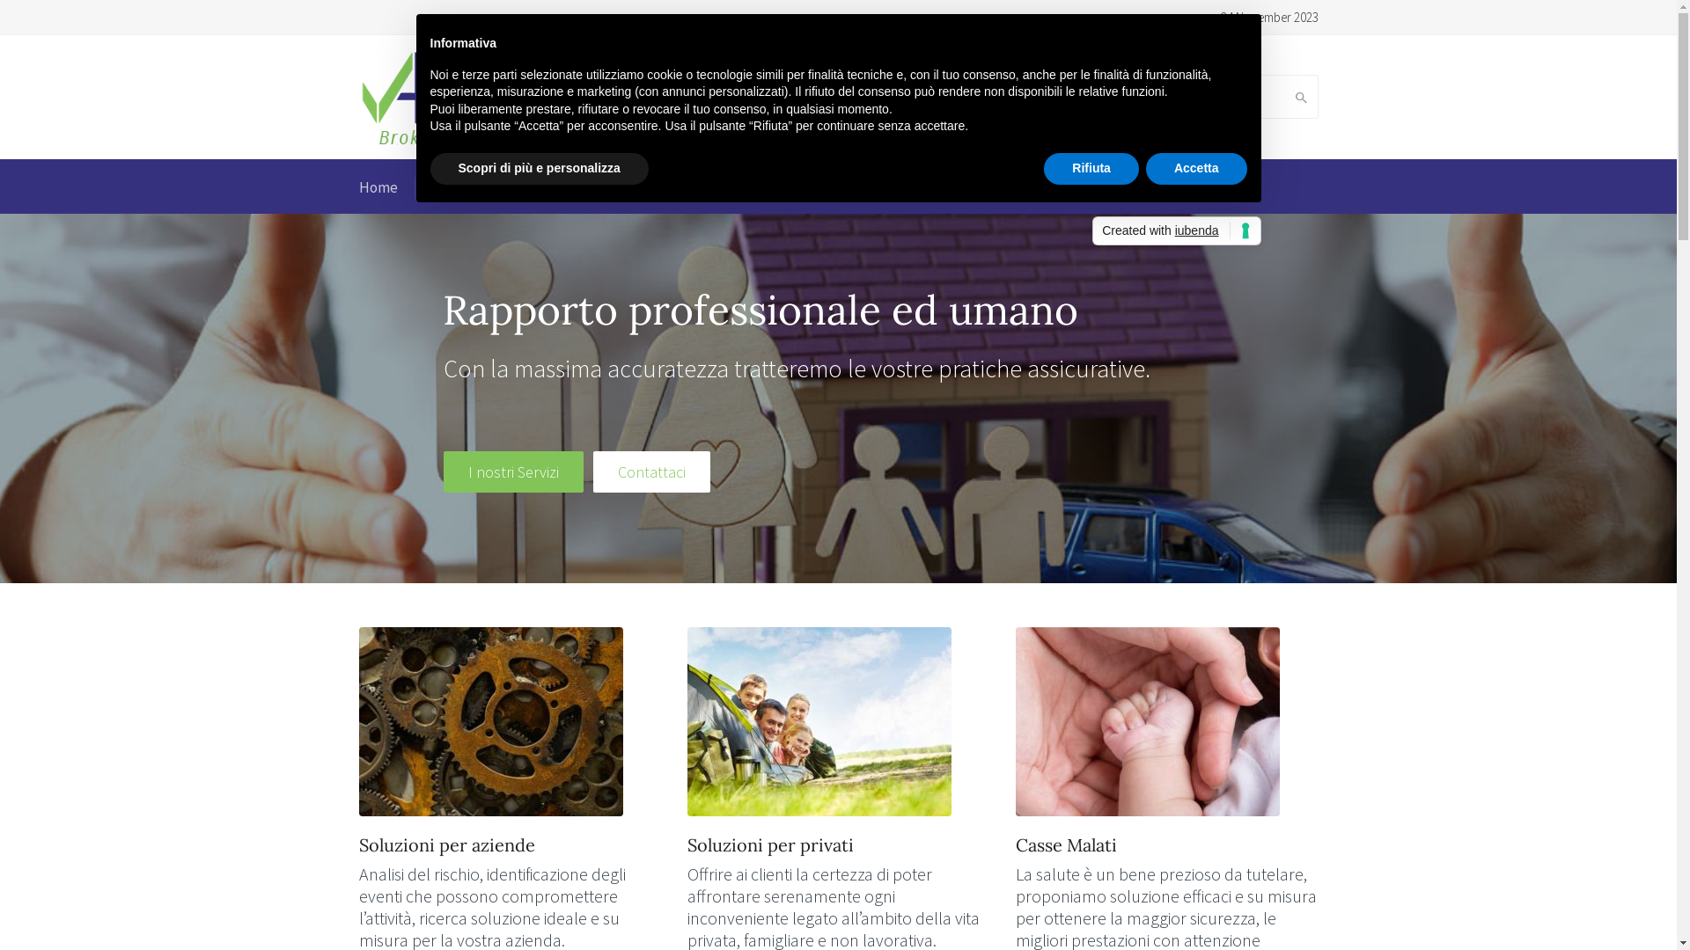 The width and height of the screenshot is (1690, 950). What do you see at coordinates (1040, 187) in the screenshot?
I see `'Contatto'` at bounding box center [1040, 187].